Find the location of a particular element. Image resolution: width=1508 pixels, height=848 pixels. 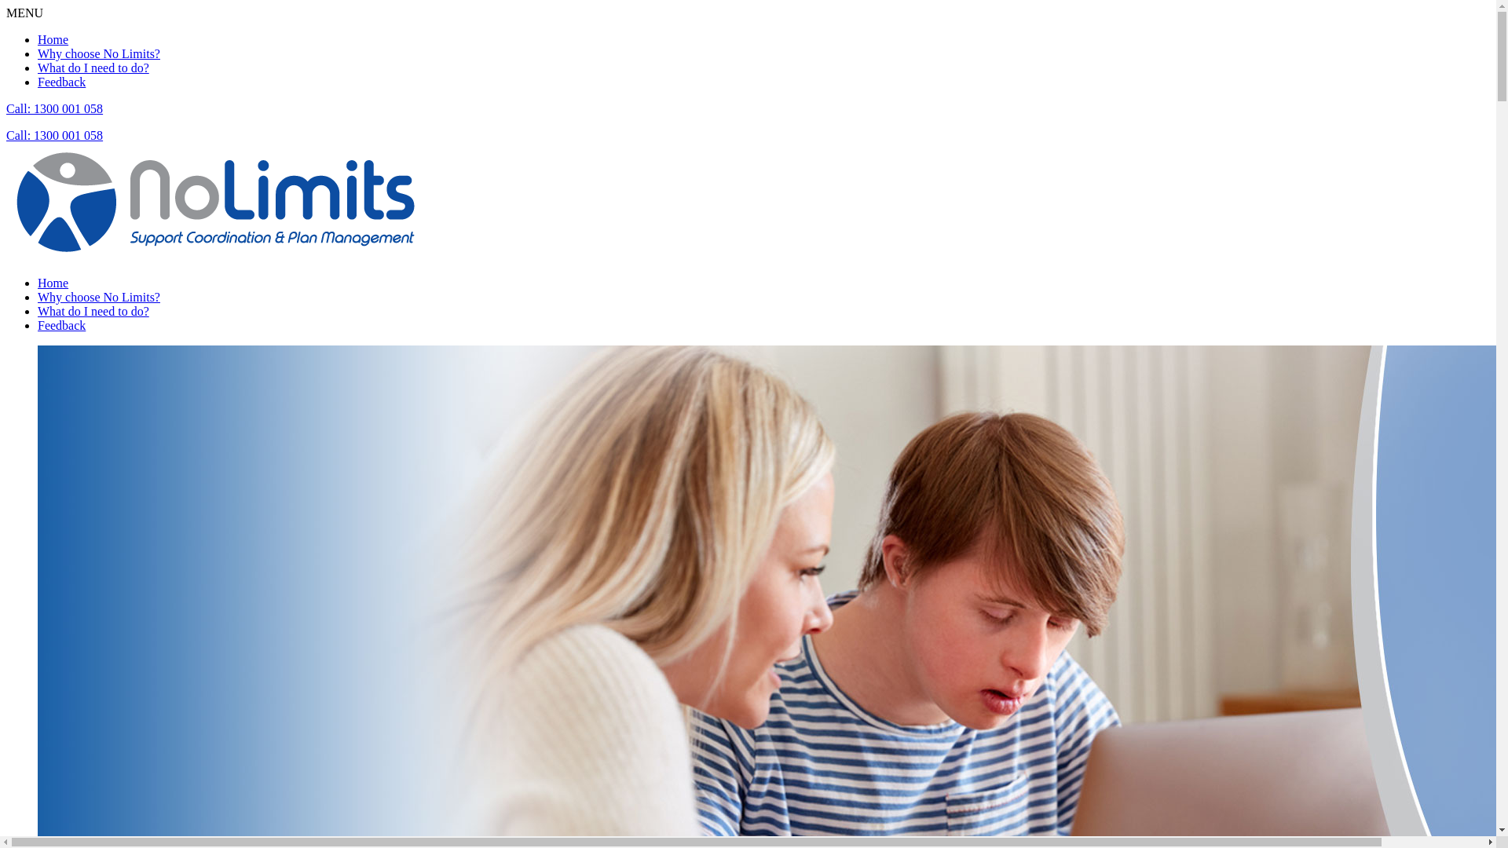

'Why choose No Limits?' is located at coordinates (97, 297).